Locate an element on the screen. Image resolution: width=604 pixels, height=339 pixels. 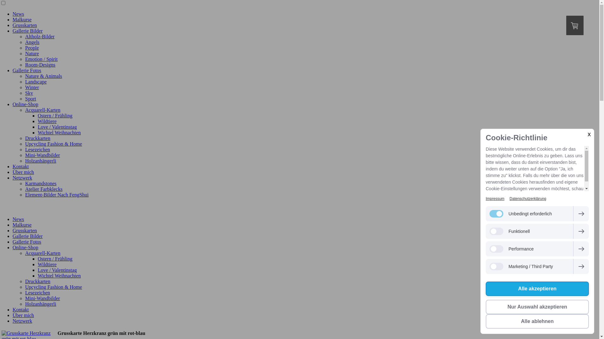
'Angels' is located at coordinates (32, 42).